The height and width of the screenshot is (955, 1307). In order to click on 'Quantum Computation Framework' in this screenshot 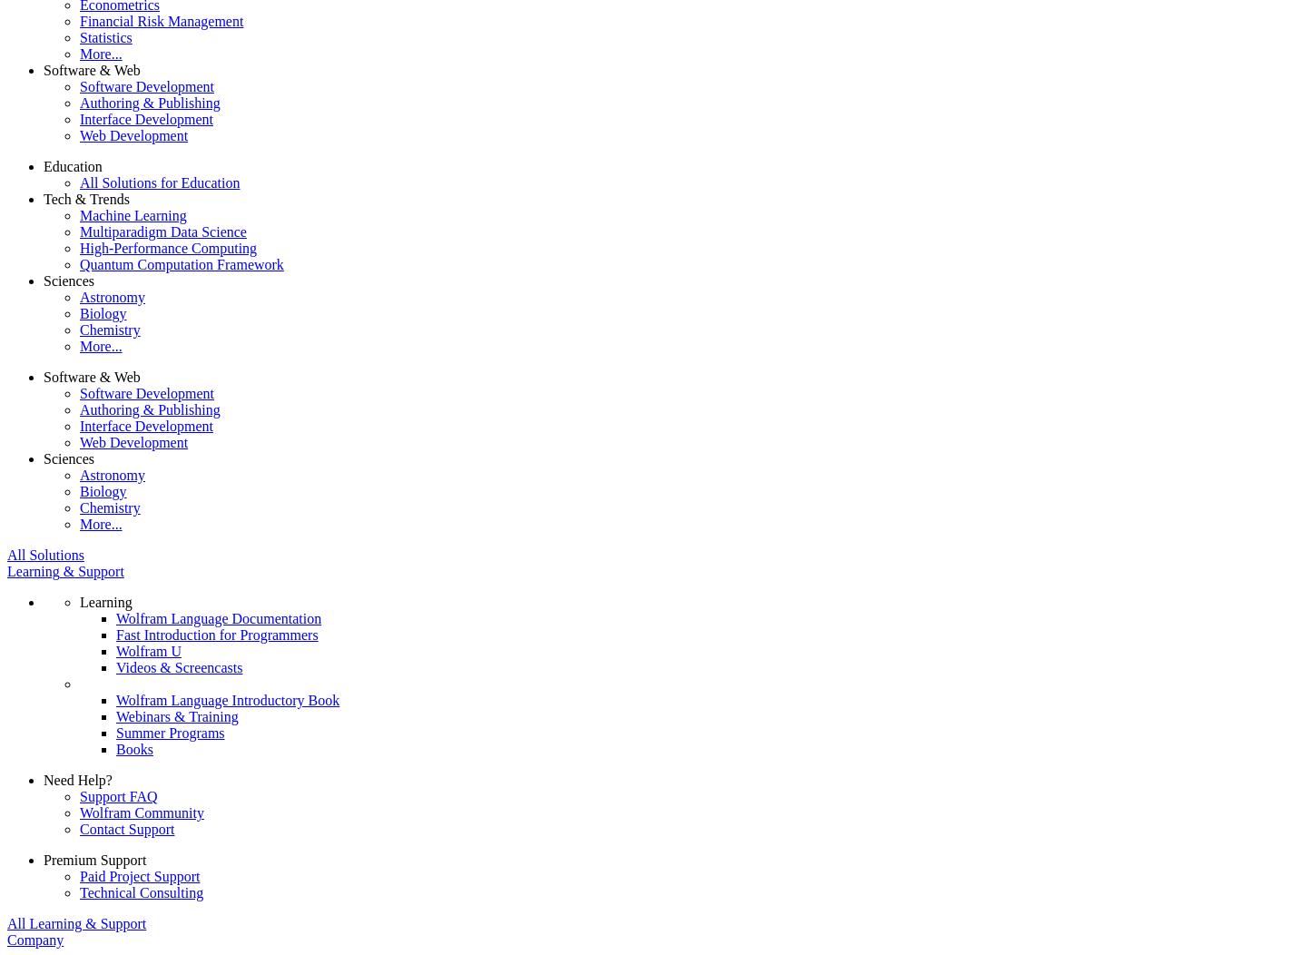, I will do `click(182, 263)`.